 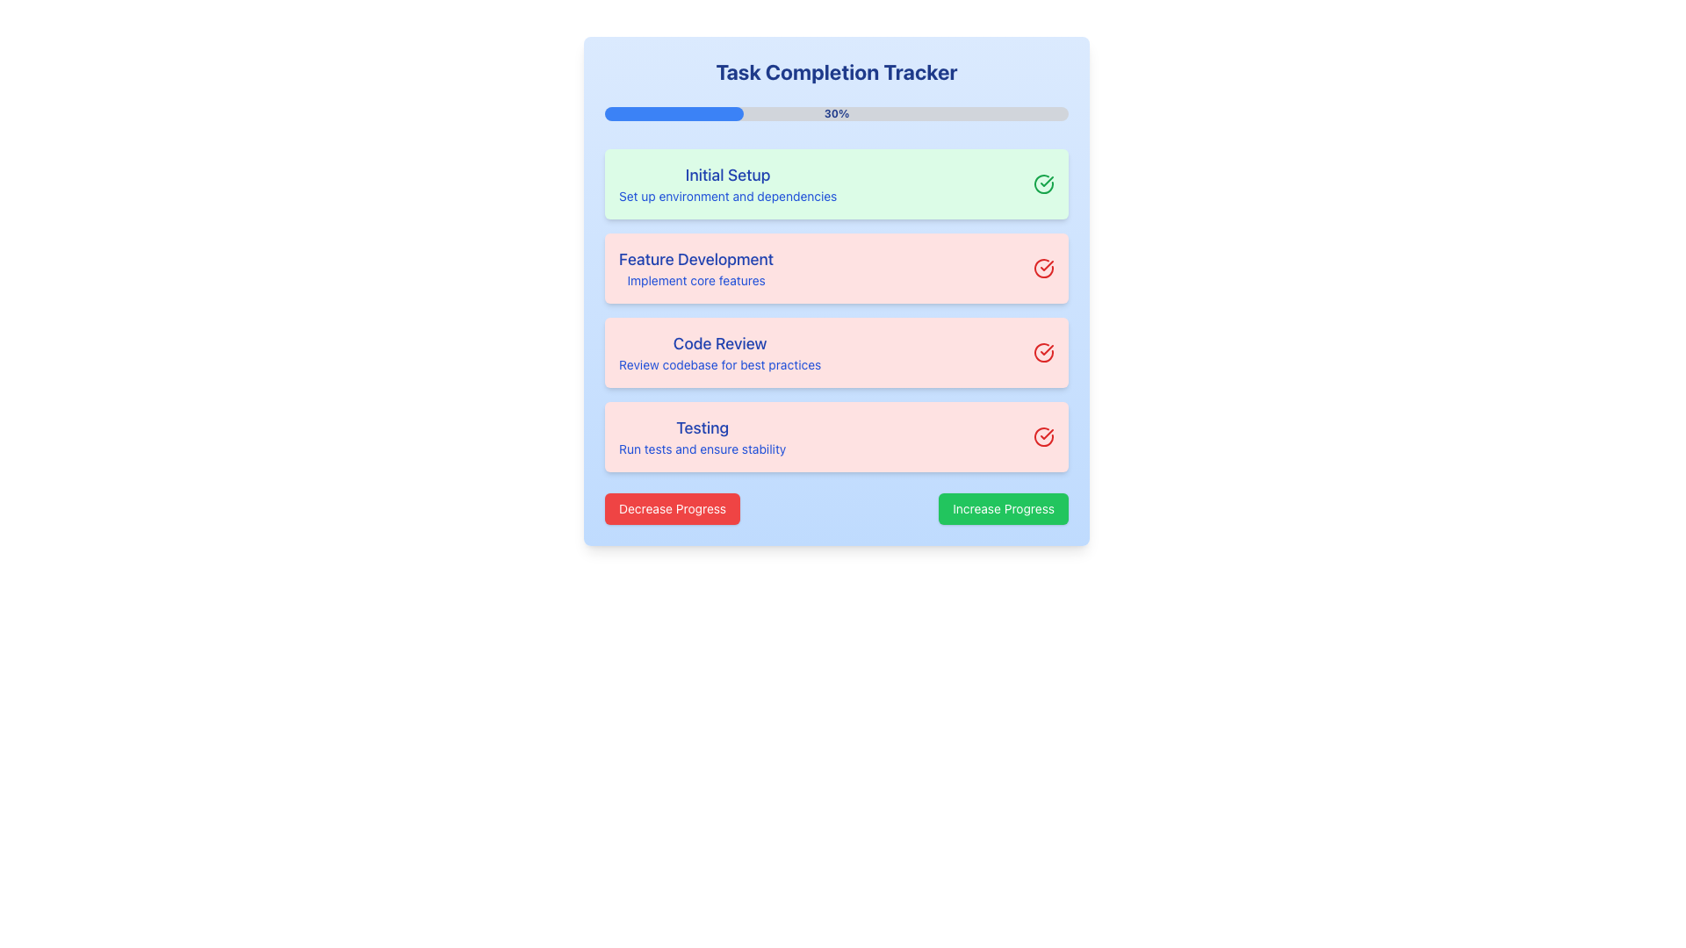 I want to click on the Informational panel which has a light red background and contains the text 'Testing' and a checkmark icon, so click(x=836, y=435).